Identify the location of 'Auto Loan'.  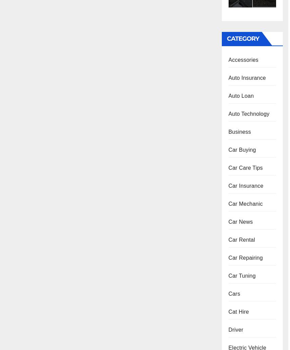
(240, 96).